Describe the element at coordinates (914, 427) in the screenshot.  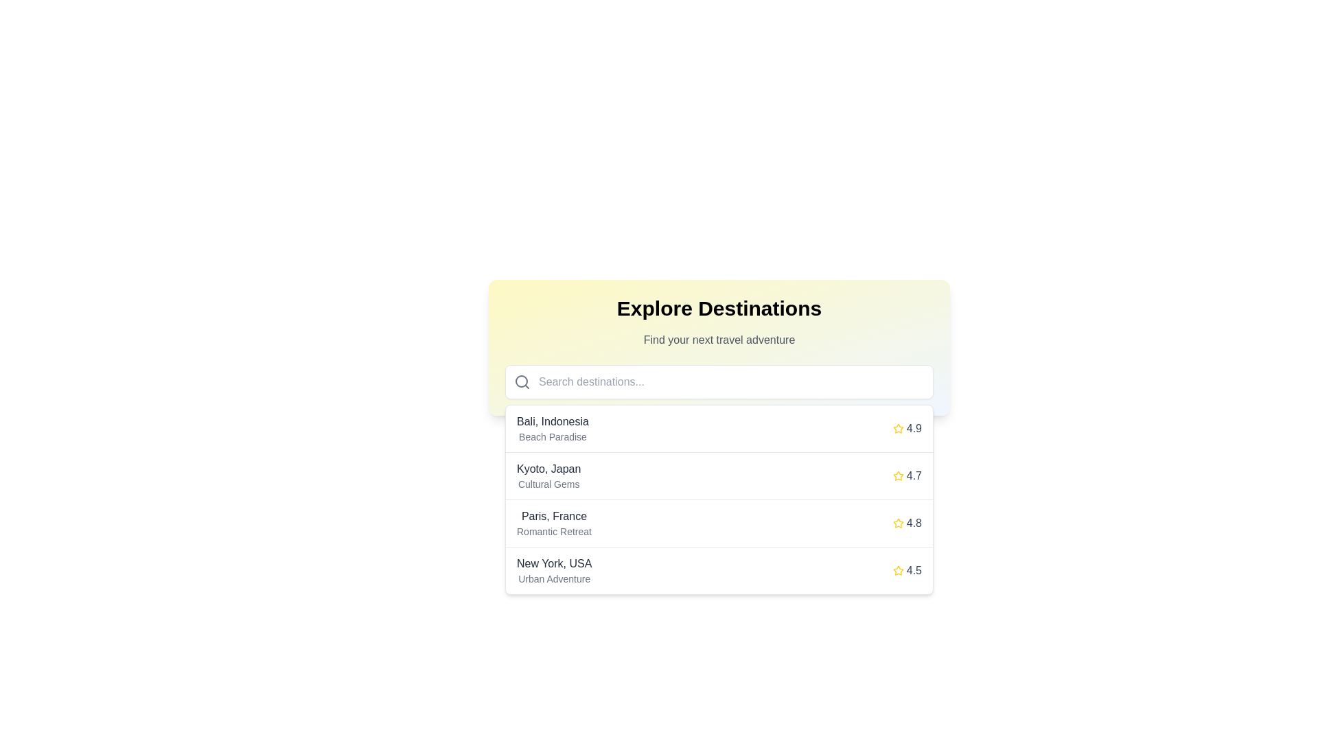
I see `text displaying the rating '4.9', which is positioned to the right of the yellow star icon in the 'Explore Destinations' interface under the Bali, Indonesia entry` at that location.